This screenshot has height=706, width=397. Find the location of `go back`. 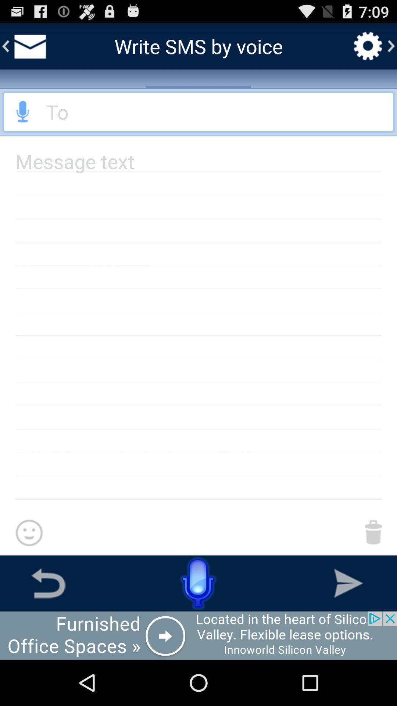

go back is located at coordinates (48, 583).